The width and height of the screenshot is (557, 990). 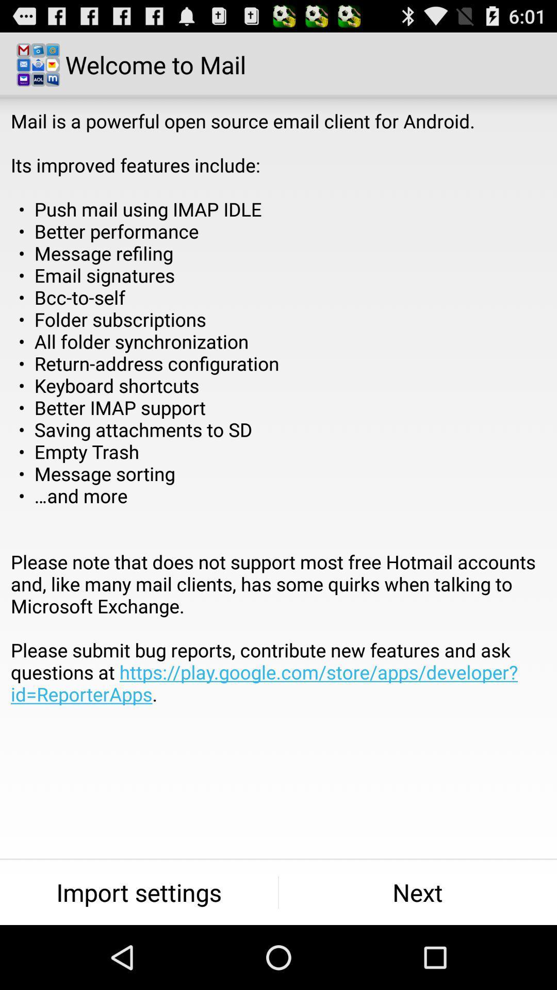 I want to click on item at the bottom left corner, so click(x=138, y=892).